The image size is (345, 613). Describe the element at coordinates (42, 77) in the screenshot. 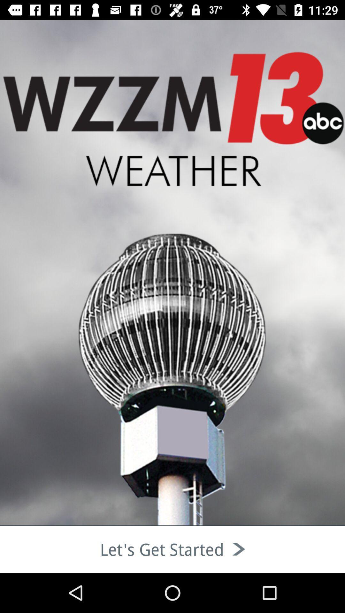

I see `the pause icon` at that location.